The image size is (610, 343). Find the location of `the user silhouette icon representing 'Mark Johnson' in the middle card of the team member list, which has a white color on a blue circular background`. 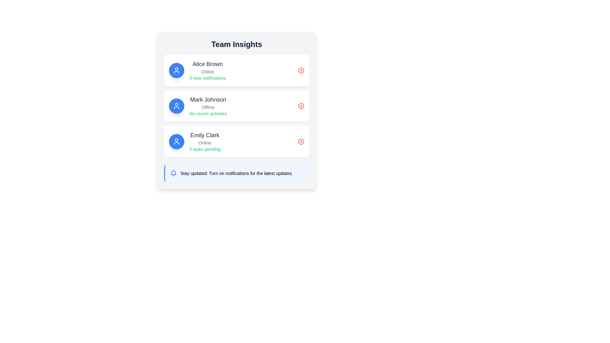

the user silhouette icon representing 'Mark Johnson' in the middle card of the team member list, which has a white color on a blue circular background is located at coordinates (177, 106).